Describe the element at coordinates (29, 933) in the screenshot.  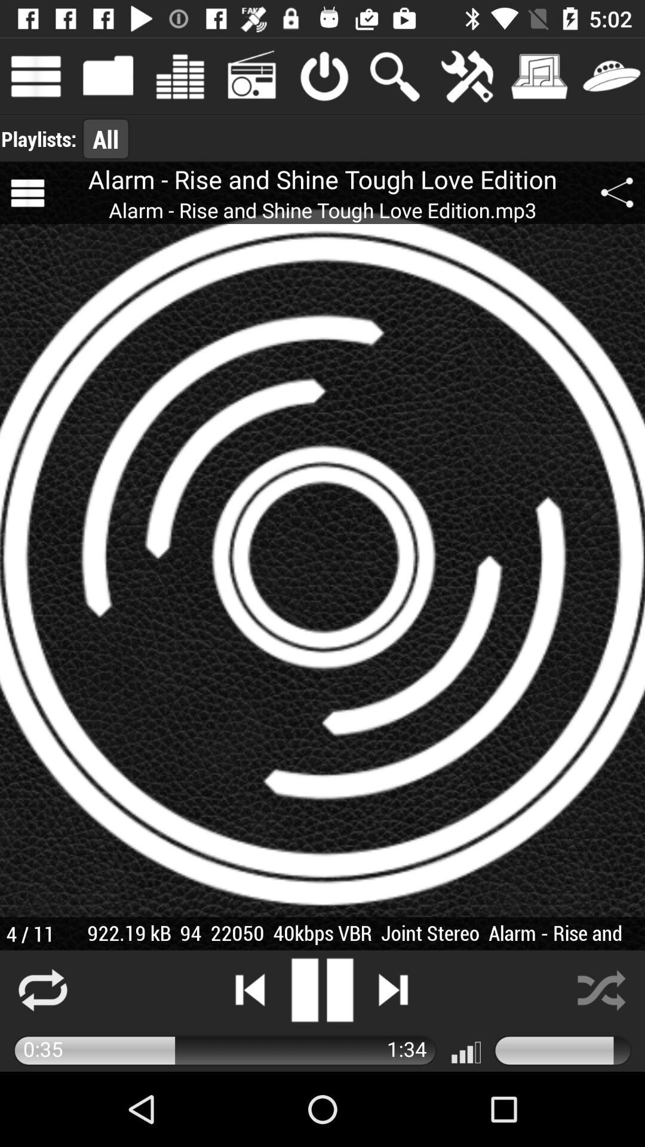
I see `the app next to the 922 19 kb icon` at that location.